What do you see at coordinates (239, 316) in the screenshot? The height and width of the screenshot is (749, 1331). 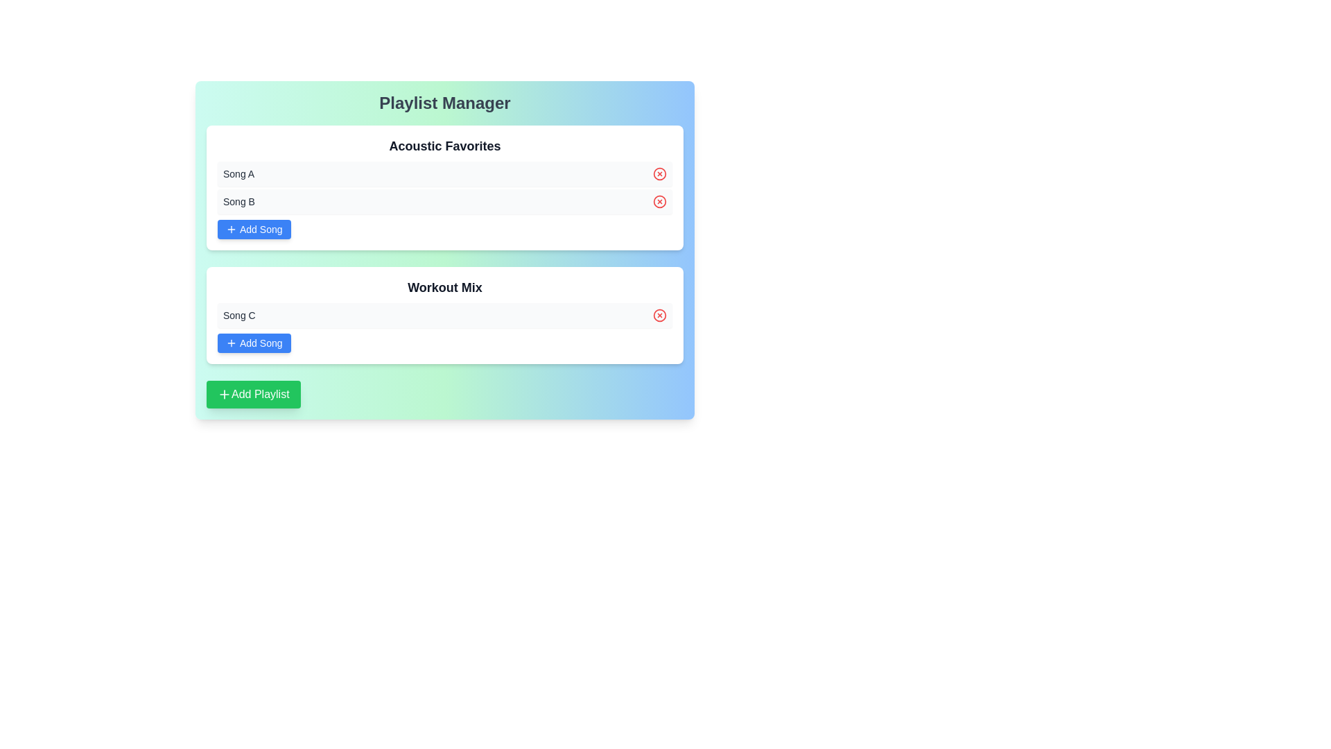 I see `the text label 'Song C' in the 'Workout Mix' panel, which is the first item in the song list above the 'Add Song' button` at bounding box center [239, 316].